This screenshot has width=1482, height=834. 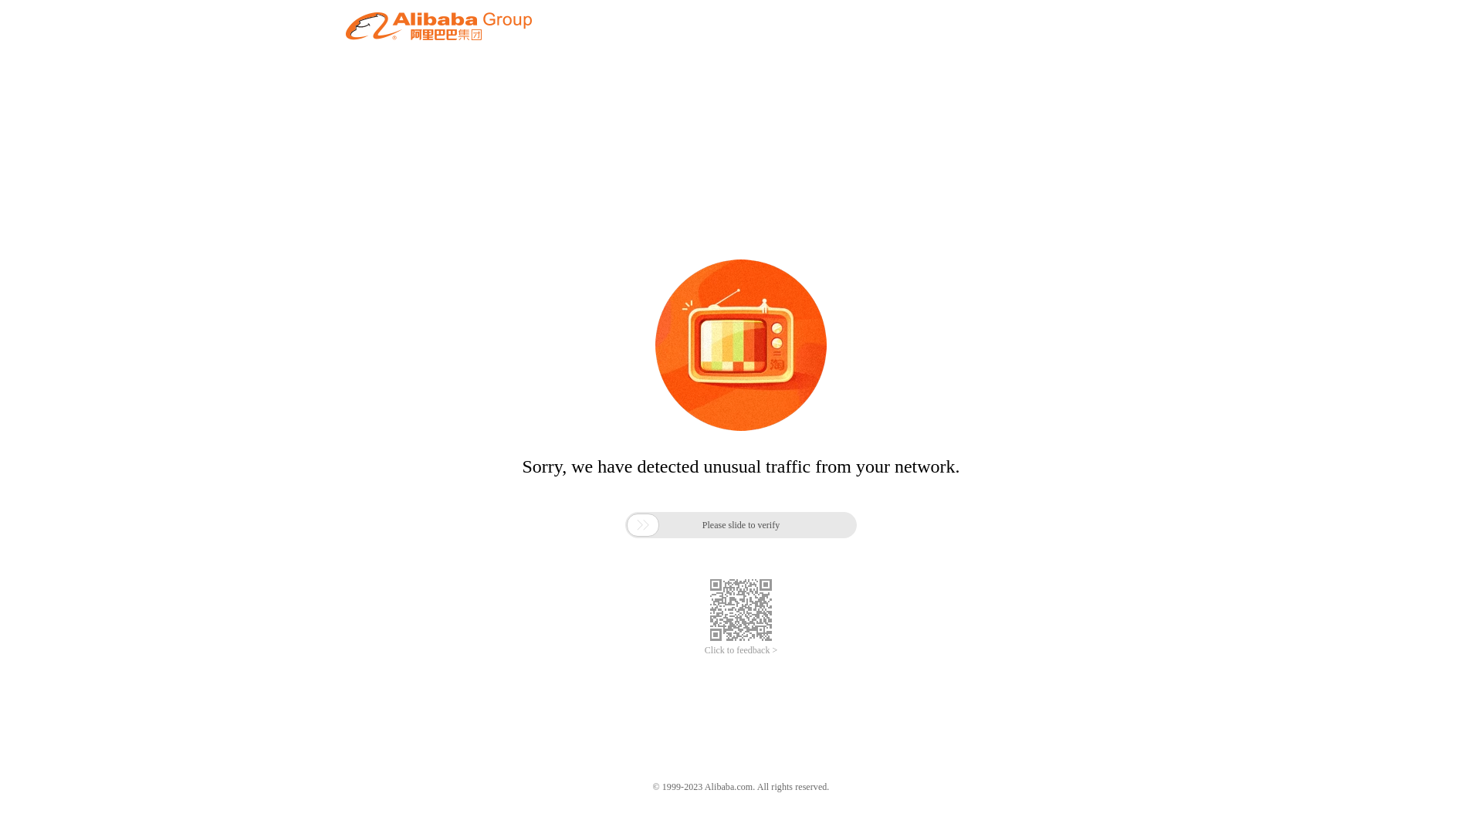 What do you see at coordinates (741, 650) in the screenshot?
I see `'Click to feedback >'` at bounding box center [741, 650].